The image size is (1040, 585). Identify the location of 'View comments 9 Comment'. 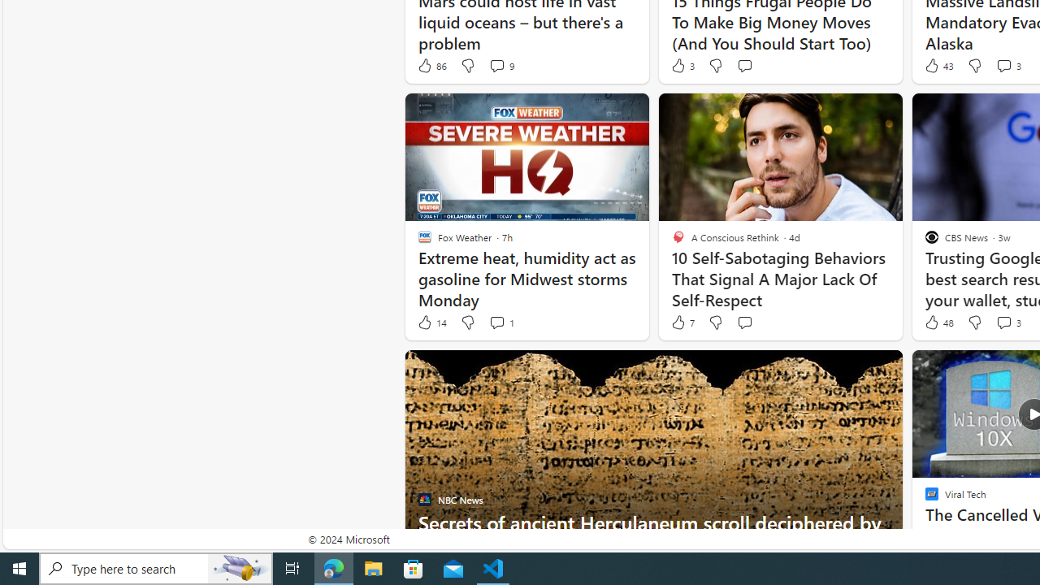
(496, 65).